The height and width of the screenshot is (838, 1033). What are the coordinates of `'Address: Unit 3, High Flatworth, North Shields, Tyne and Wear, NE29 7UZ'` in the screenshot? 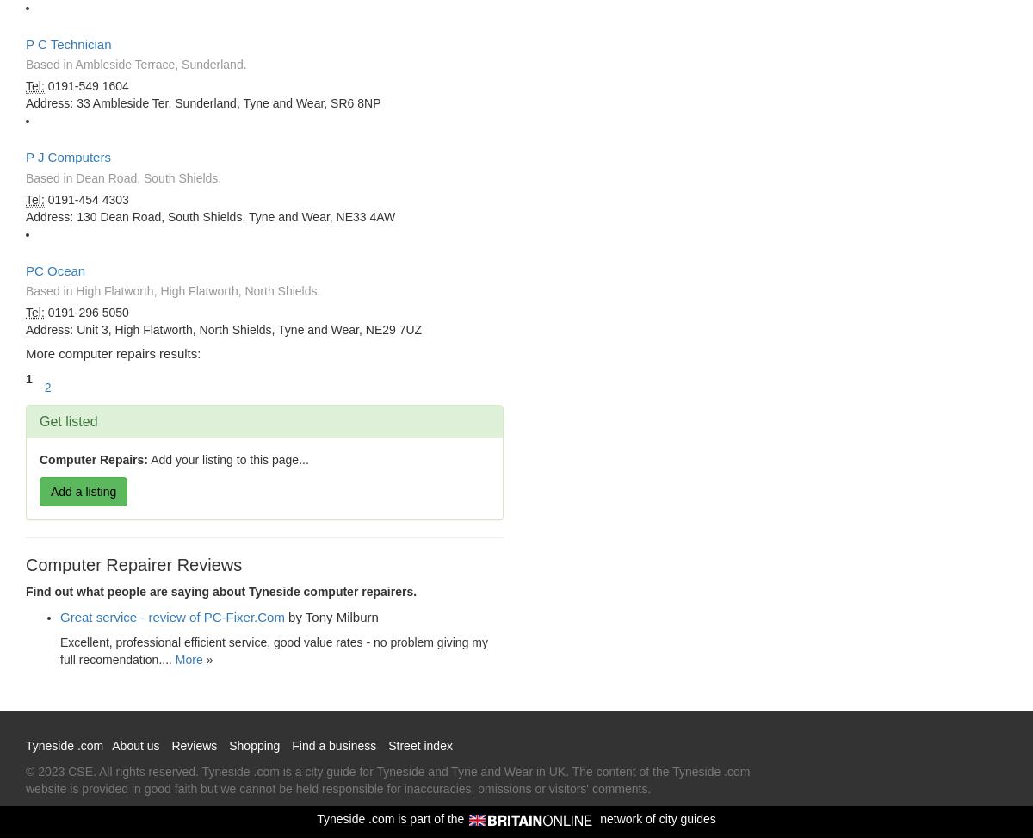 It's located at (223, 328).